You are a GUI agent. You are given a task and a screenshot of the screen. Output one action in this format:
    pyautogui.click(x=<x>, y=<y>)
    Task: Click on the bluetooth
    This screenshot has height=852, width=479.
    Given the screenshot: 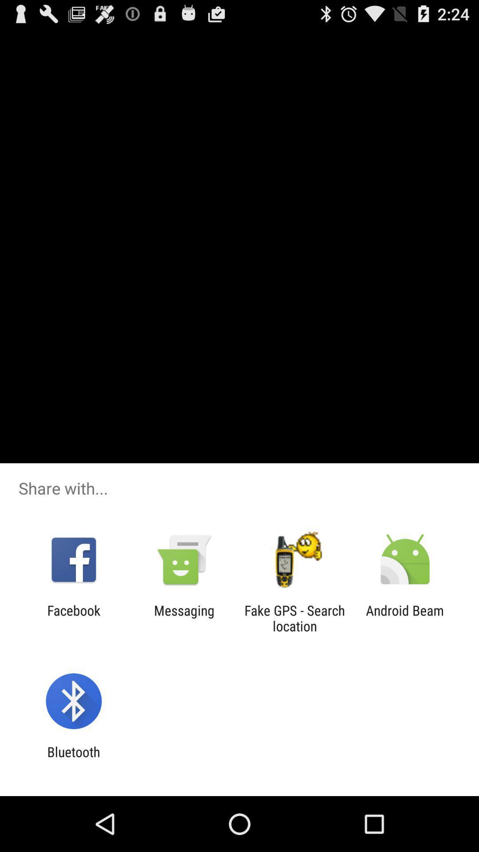 What is the action you would take?
    pyautogui.click(x=73, y=759)
    